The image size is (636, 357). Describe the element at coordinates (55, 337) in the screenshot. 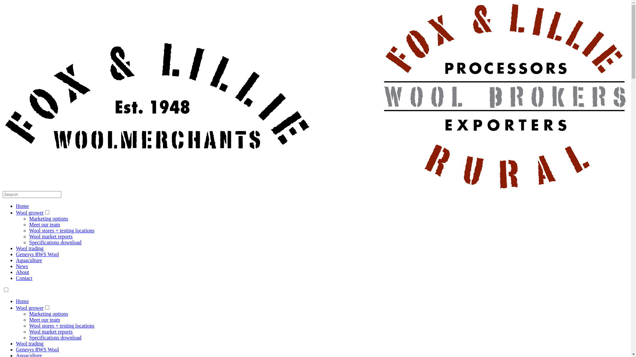

I see `'Specifications download'` at that location.